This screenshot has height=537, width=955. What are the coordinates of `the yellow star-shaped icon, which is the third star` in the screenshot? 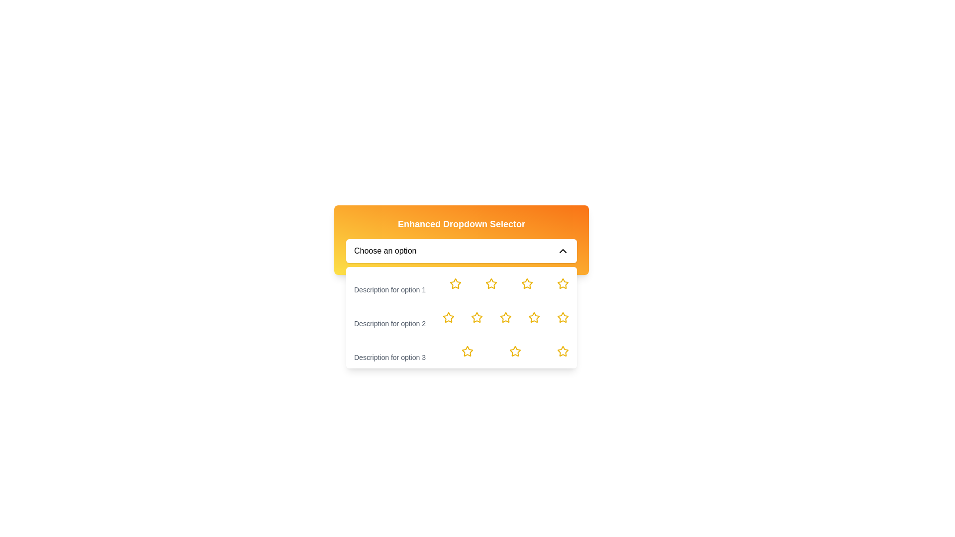 It's located at (477, 317).